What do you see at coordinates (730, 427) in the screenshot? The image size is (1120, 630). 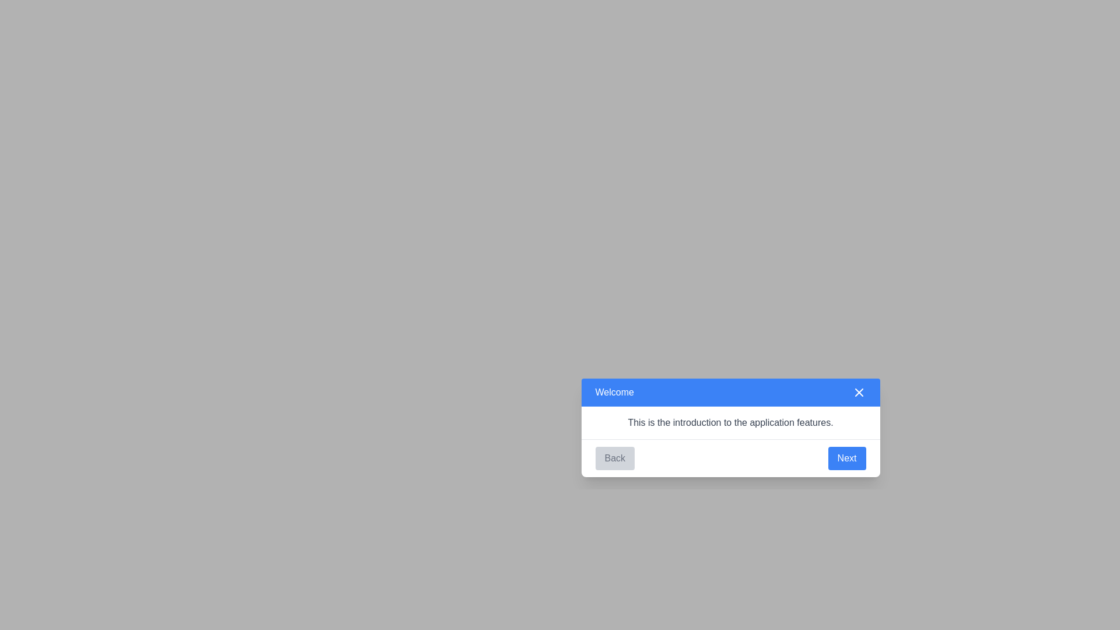 I see `content displayed within the central modal dialog that introduces users to the application features` at bounding box center [730, 427].